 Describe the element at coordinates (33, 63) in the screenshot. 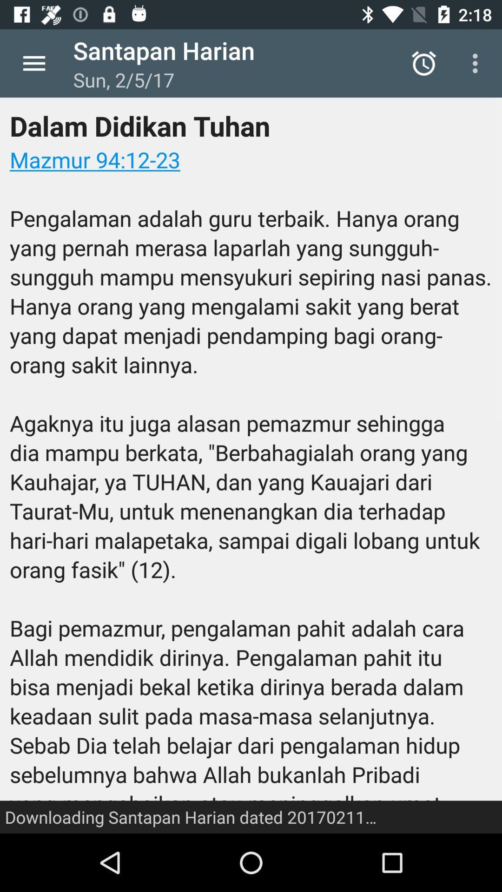

I see `icon to the left of santapan harian icon` at that location.